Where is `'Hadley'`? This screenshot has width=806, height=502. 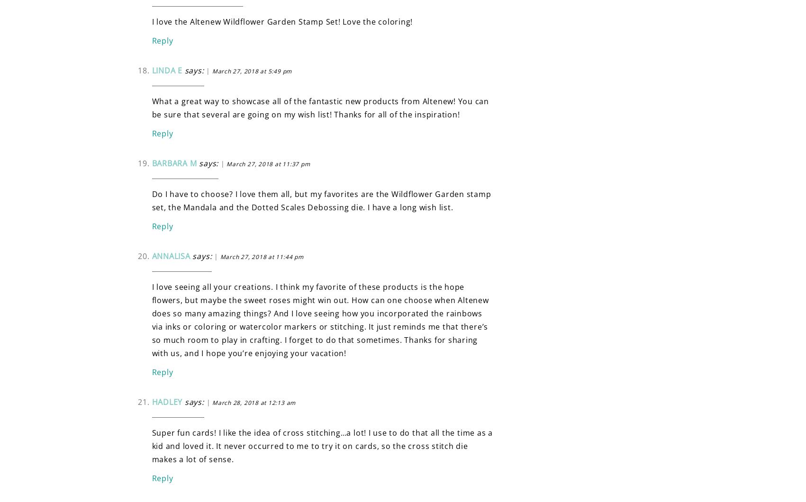 'Hadley' is located at coordinates (167, 402).